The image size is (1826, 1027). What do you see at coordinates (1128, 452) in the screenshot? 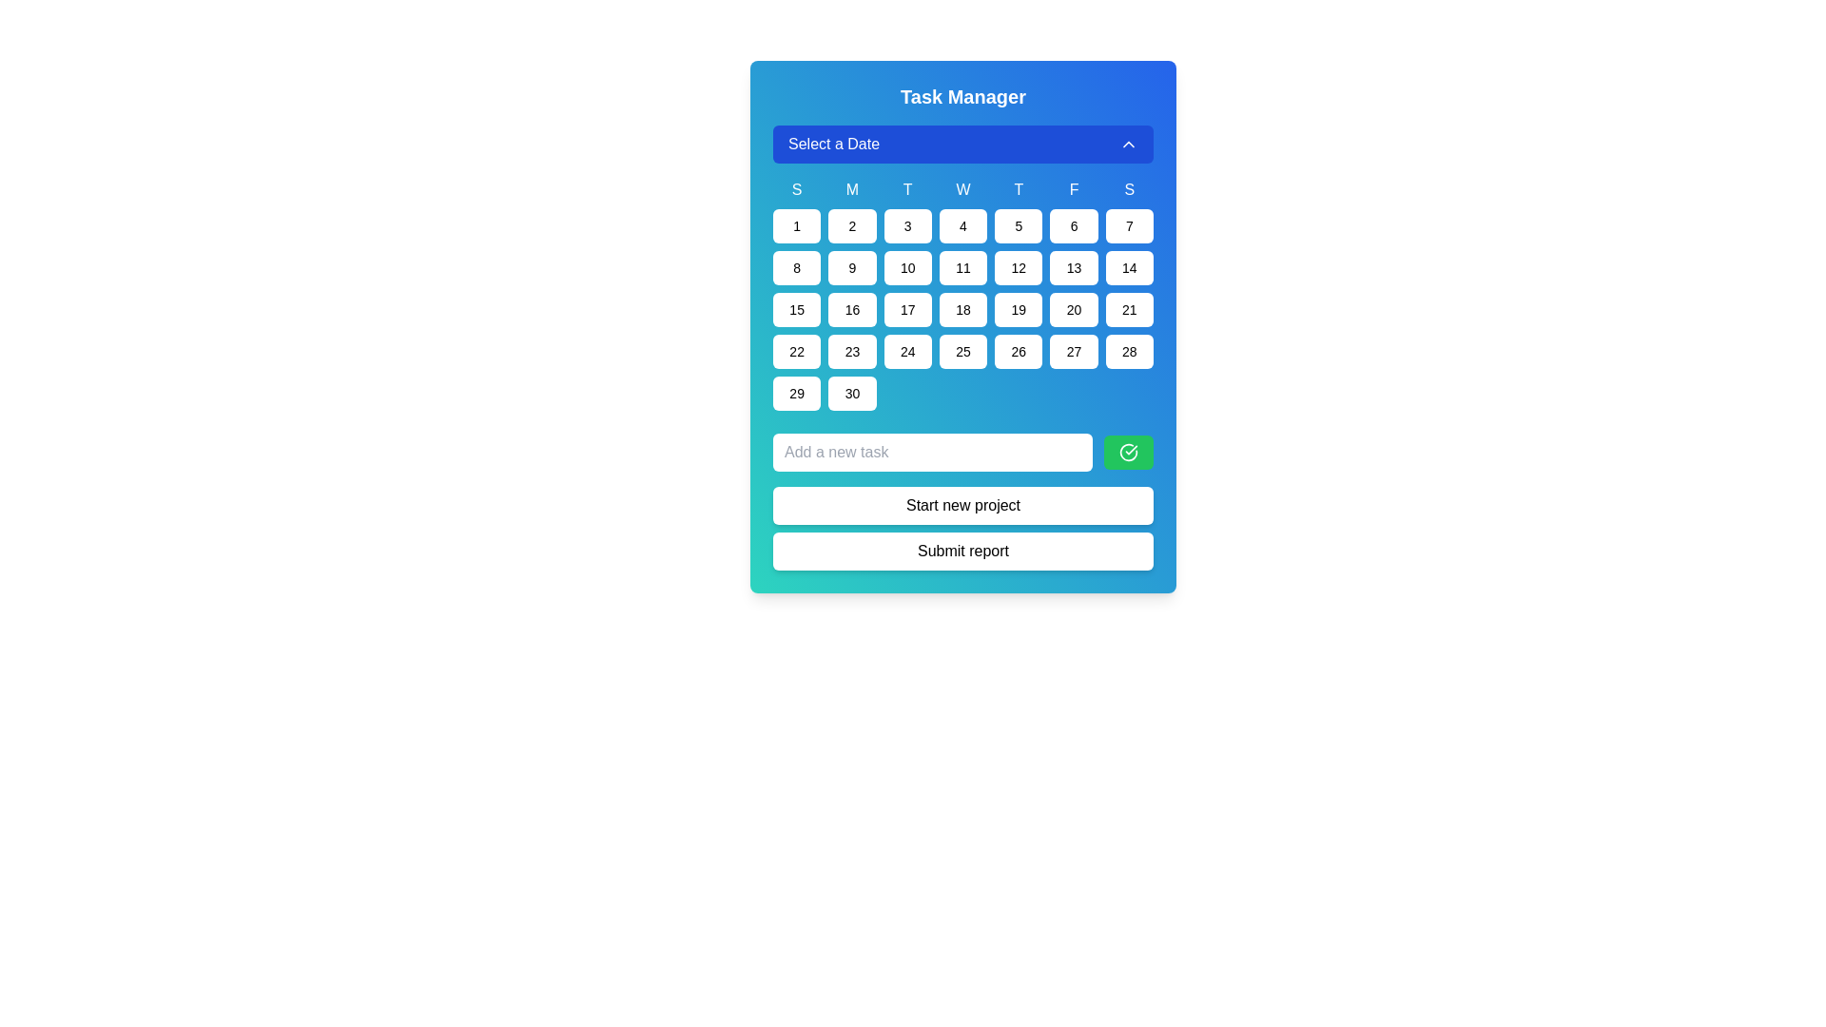
I see `the circular checkmark icon element, which is part of a green button located at the far-right side of the 'Add a new task' input field` at bounding box center [1128, 452].